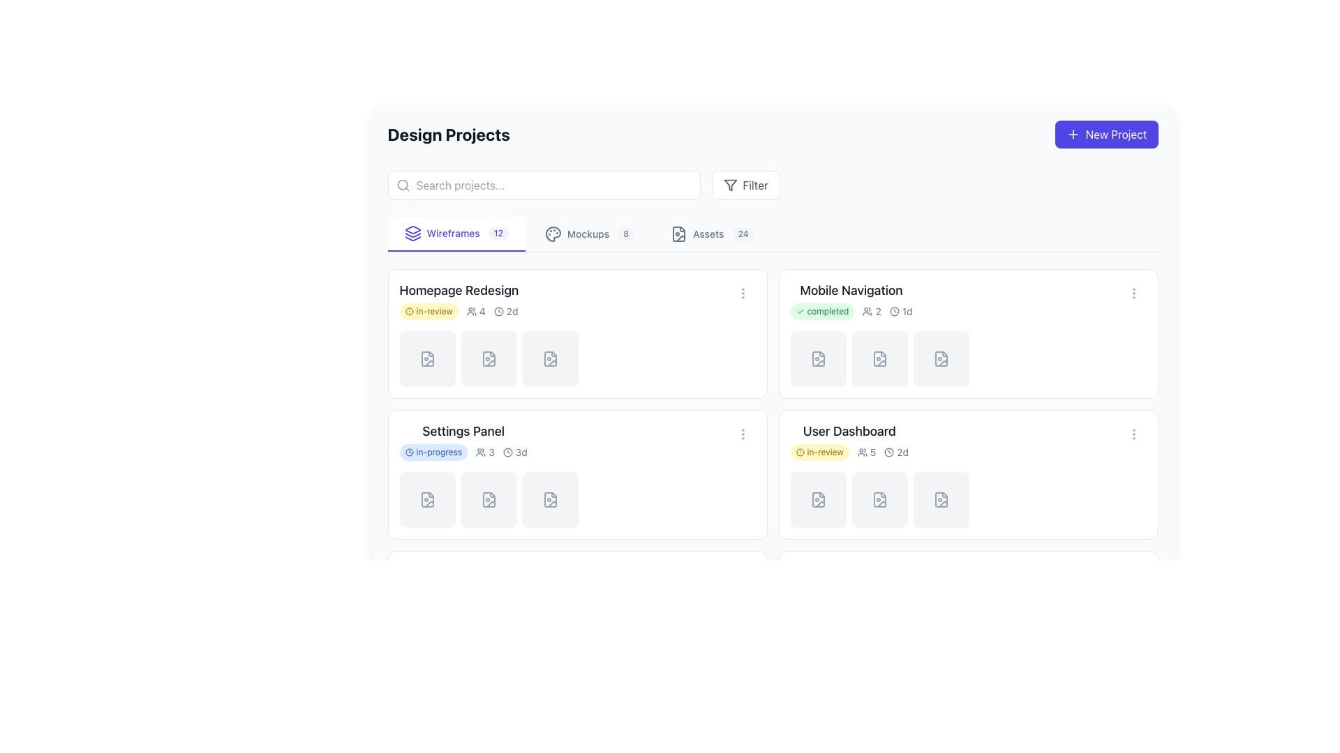 The width and height of the screenshot is (1340, 753). Describe the element at coordinates (879, 499) in the screenshot. I see `the file icon, which is the second icon from the left in the bottom row of icons within the 'User Dashboard' section` at that location.